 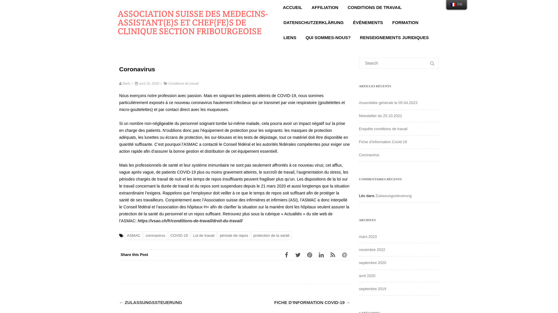 What do you see at coordinates (375, 8) in the screenshot?
I see `'CONDITIONS DE TRAVAIL'` at bounding box center [375, 8].